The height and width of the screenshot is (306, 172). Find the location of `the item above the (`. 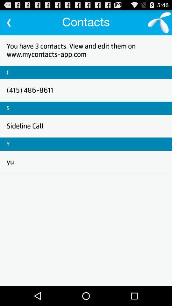

the item above the ( is located at coordinates (86, 50).